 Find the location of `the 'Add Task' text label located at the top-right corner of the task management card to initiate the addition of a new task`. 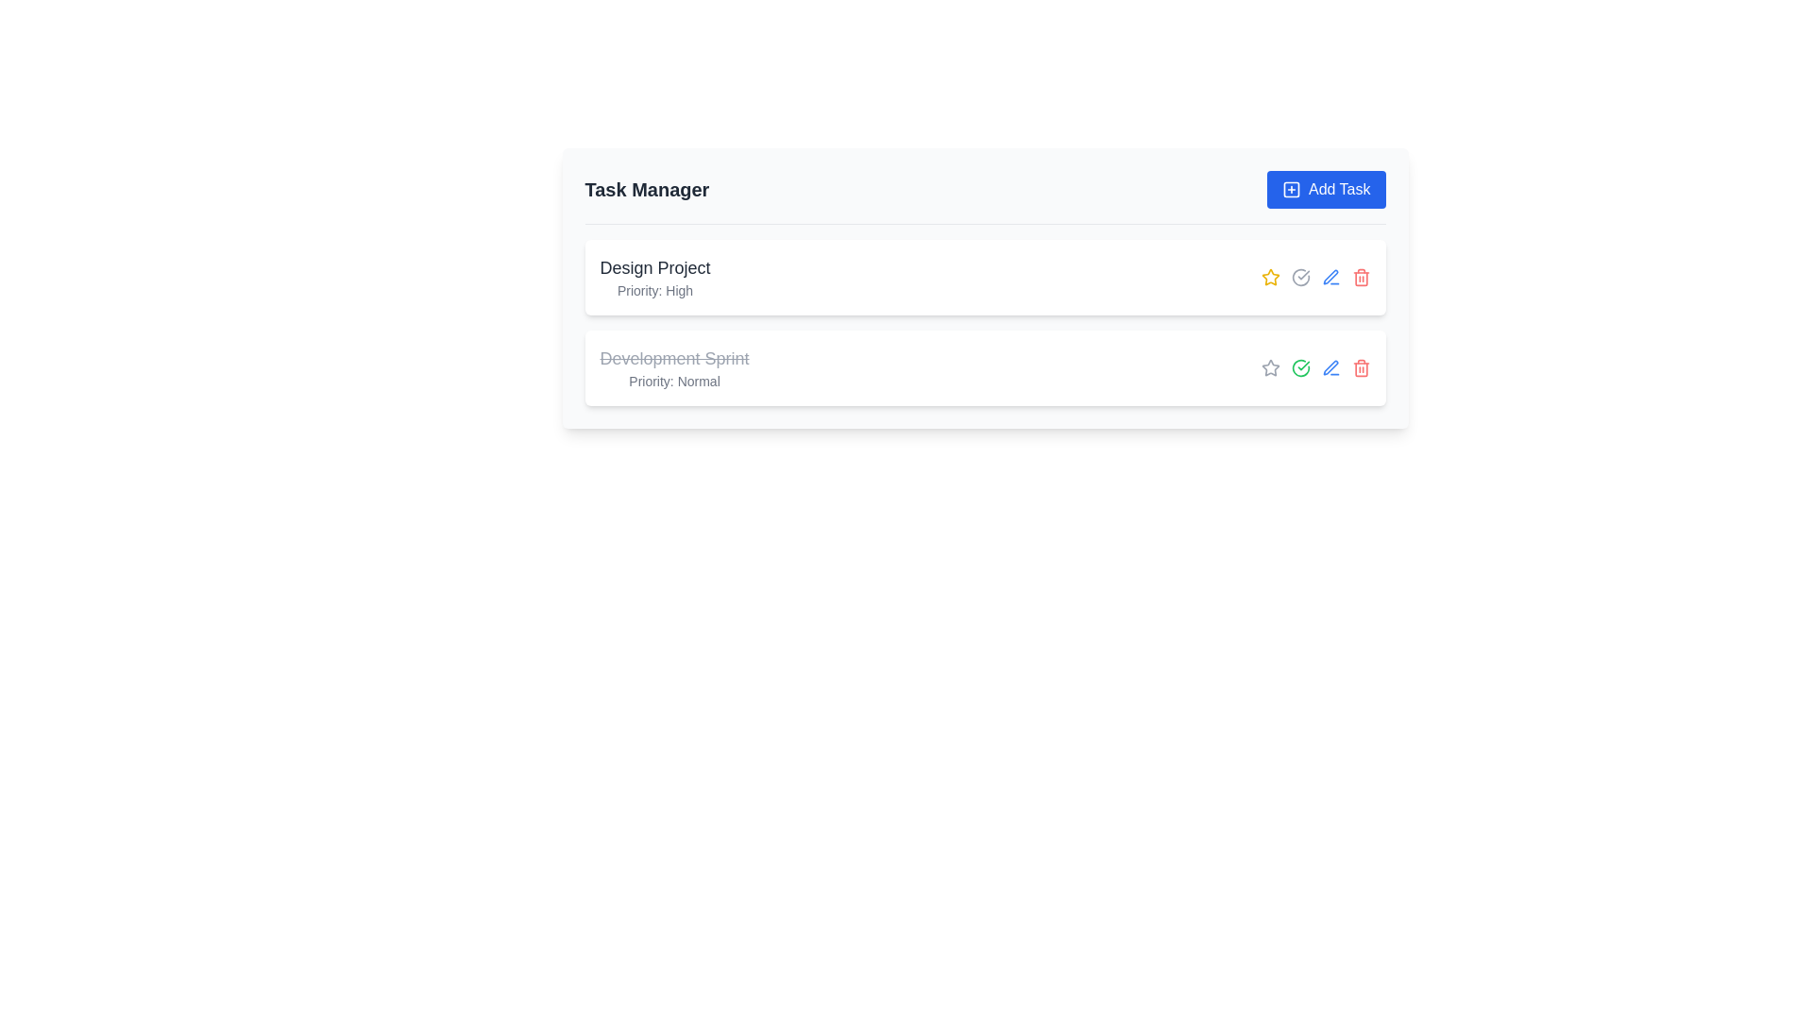

the 'Add Task' text label located at the top-right corner of the task management card to initiate the addition of a new task is located at coordinates (1338, 189).